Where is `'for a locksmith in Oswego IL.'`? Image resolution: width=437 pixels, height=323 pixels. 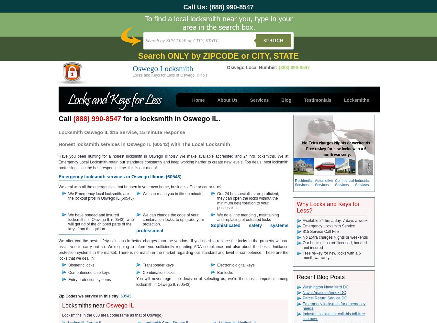
'for a locksmith in Oswego IL.' is located at coordinates (170, 118).